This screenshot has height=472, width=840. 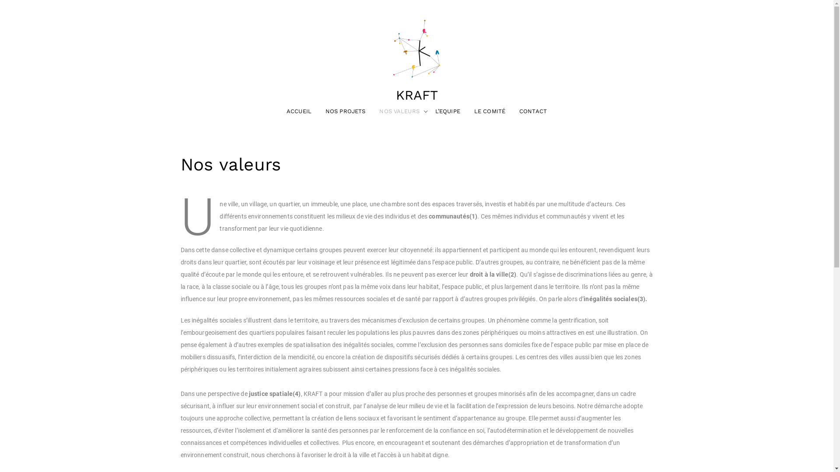 What do you see at coordinates (416, 95) in the screenshot?
I see `'KRAFT'` at bounding box center [416, 95].